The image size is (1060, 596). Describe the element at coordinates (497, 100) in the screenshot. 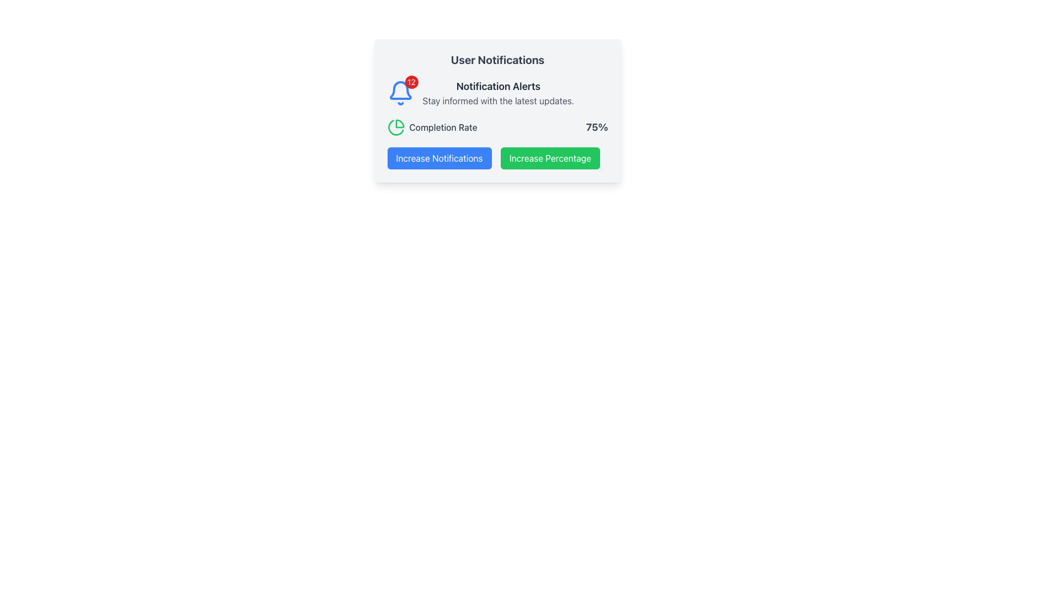

I see `static text that serves as a descriptive label for notification alerts, positioned directly below the text 'Notification Alerts'` at that location.